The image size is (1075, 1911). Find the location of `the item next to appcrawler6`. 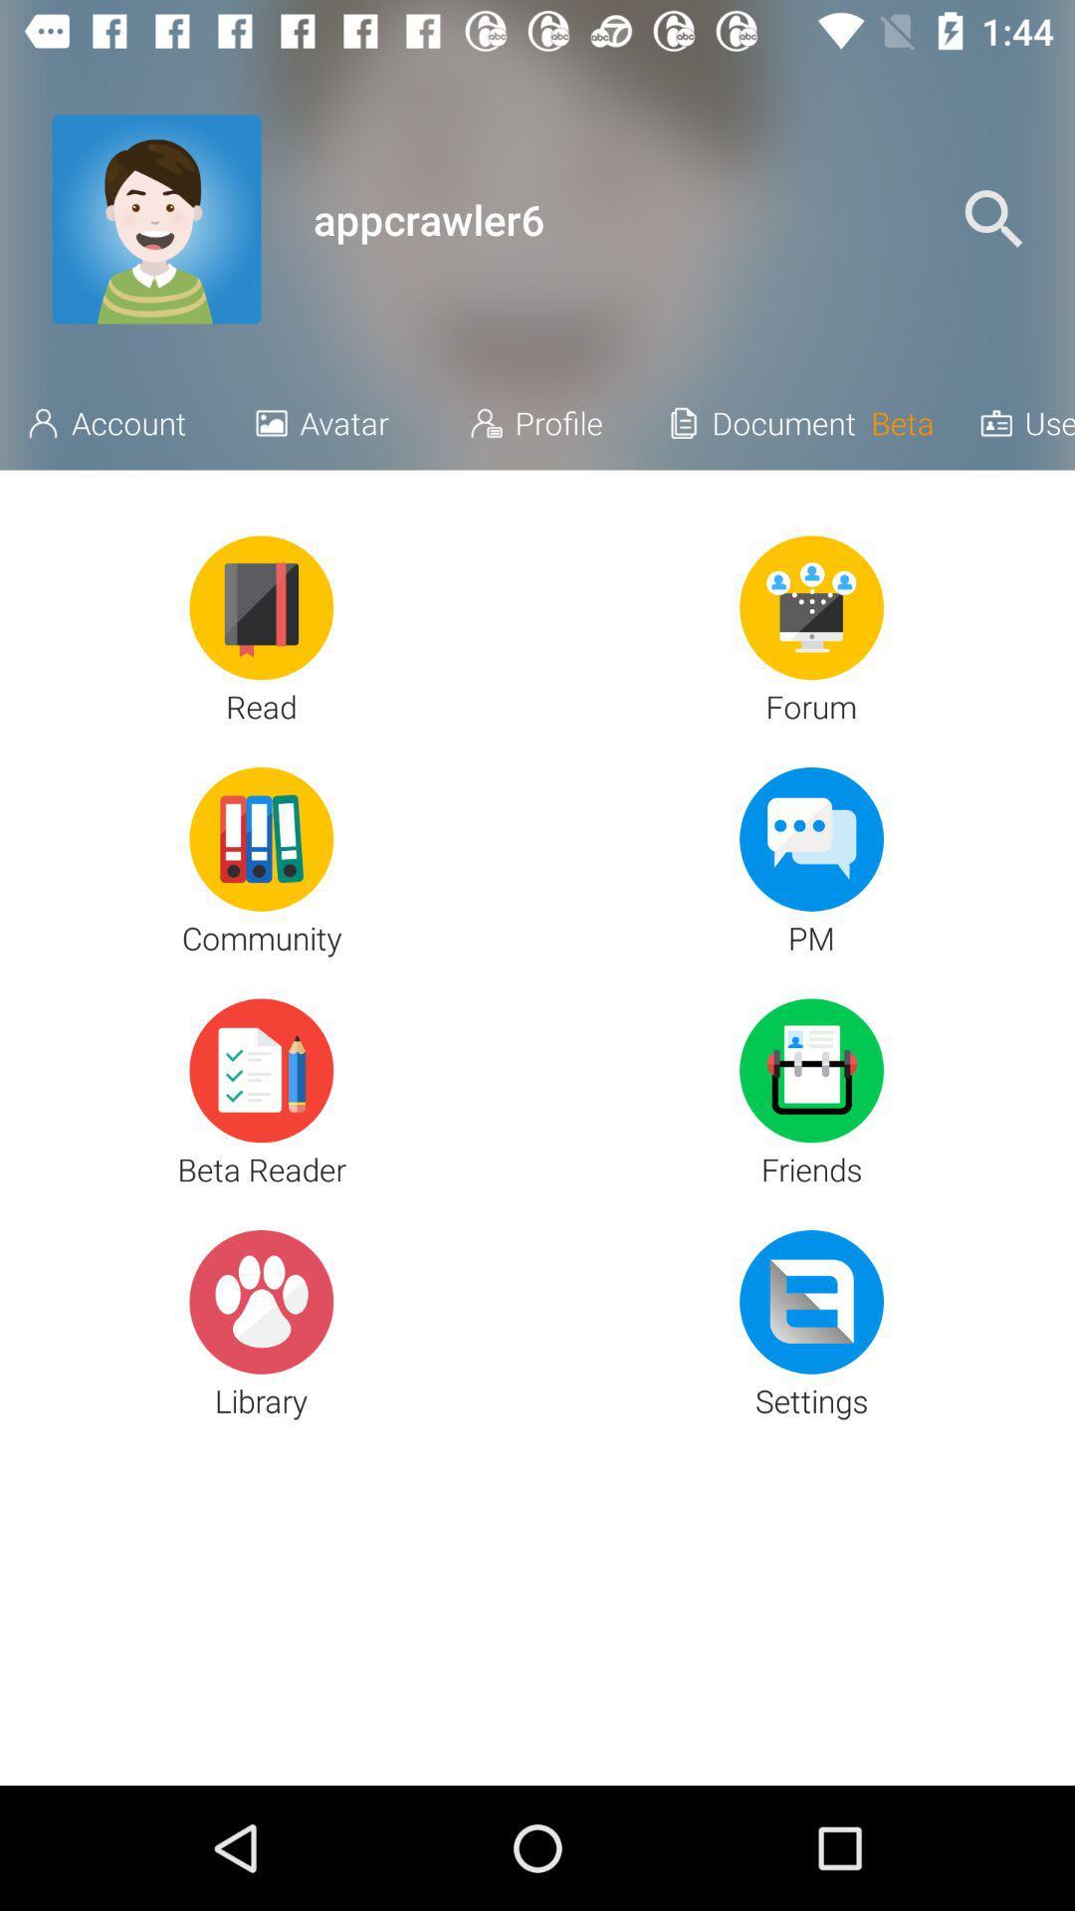

the item next to appcrawler6 is located at coordinates (155, 219).